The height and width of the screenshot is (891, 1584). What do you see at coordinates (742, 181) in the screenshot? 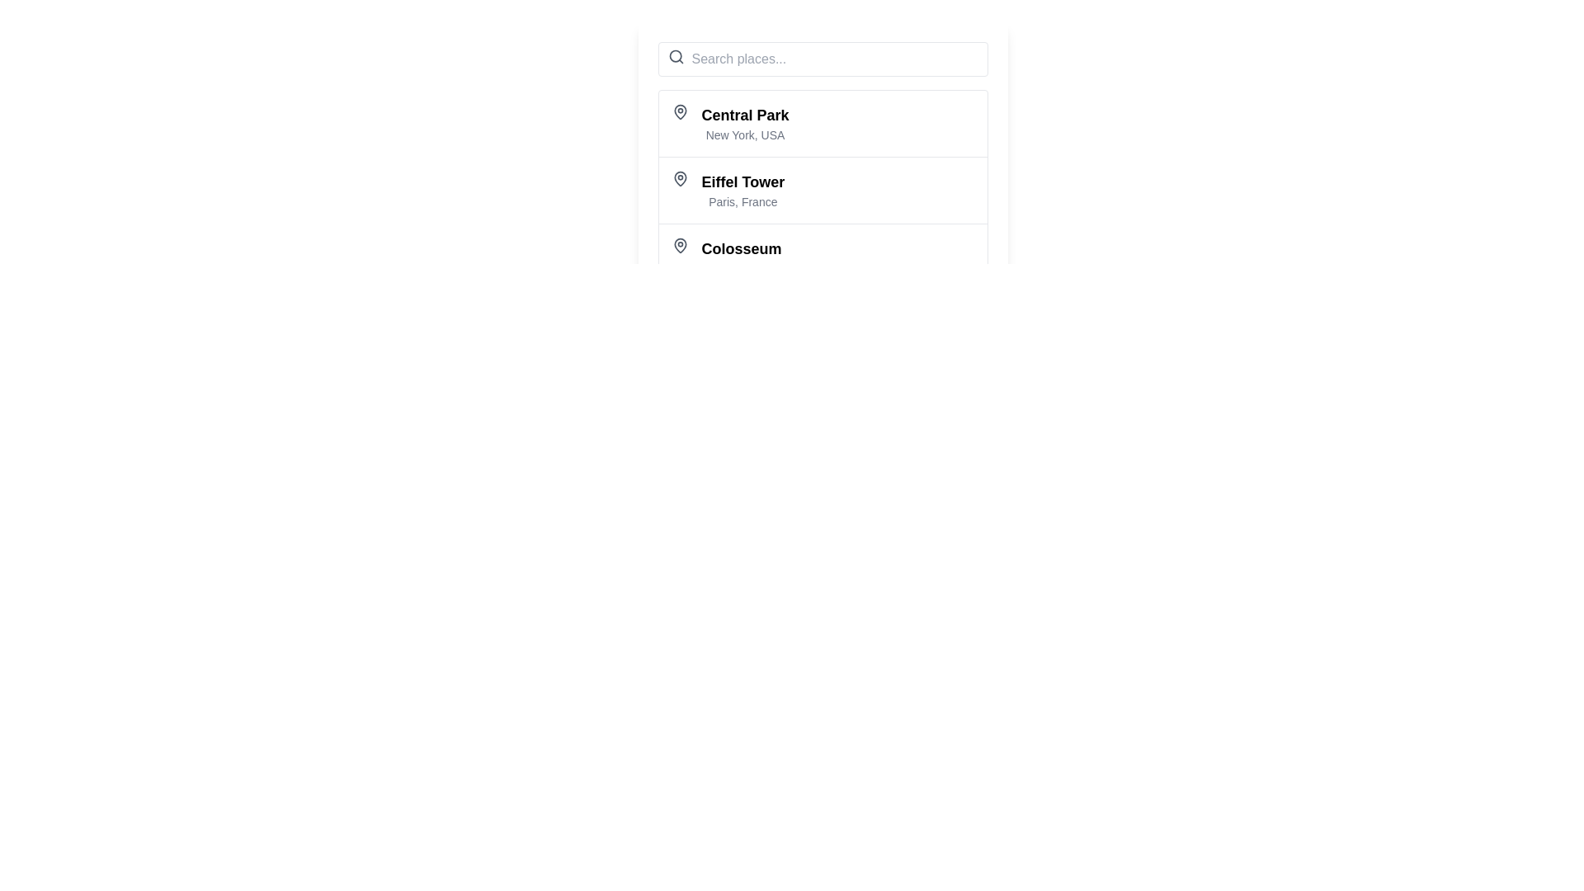
I see `text displayed in the 'Eiffel Tower' label, which is the second item in a structured list, styled prominently with a bold font and located above the smaller text 'Paris, France'` at bounding box center [742, 181].